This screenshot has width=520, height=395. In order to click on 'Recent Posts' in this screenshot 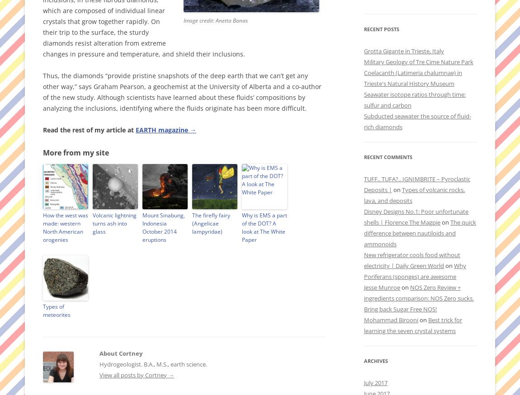, I will do `click(381, 28)`.